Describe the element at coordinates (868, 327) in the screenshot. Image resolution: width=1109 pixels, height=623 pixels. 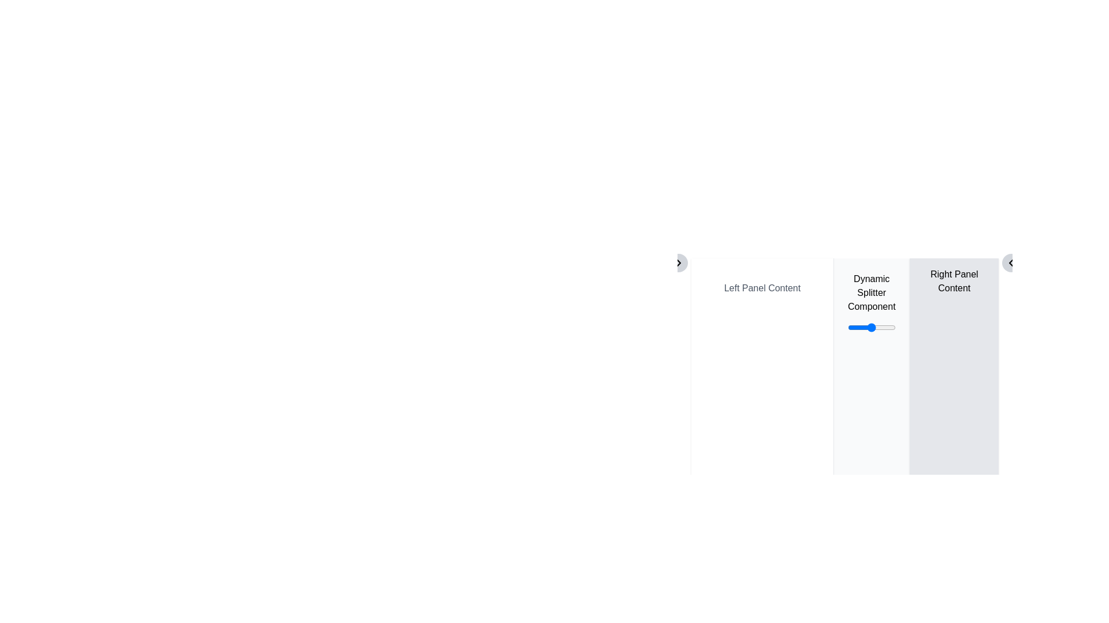
I see `the slider value` at that location.